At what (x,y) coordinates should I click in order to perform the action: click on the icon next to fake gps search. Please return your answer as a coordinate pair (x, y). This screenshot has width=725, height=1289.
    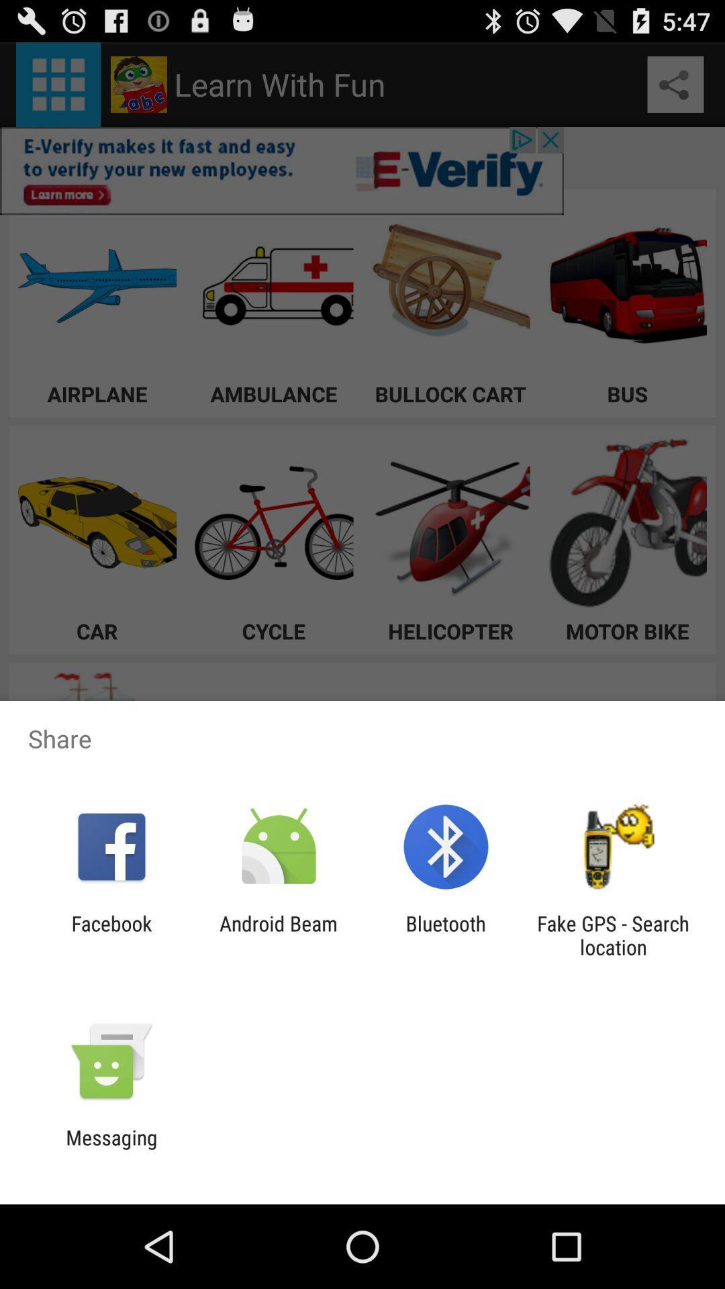
    Looking at the image, I should click on (446, 935).